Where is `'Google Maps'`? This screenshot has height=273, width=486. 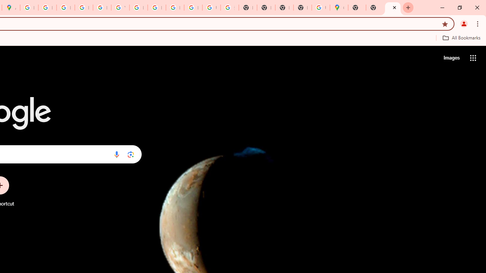
'Google Maps' is located at coordinates (338, 8).